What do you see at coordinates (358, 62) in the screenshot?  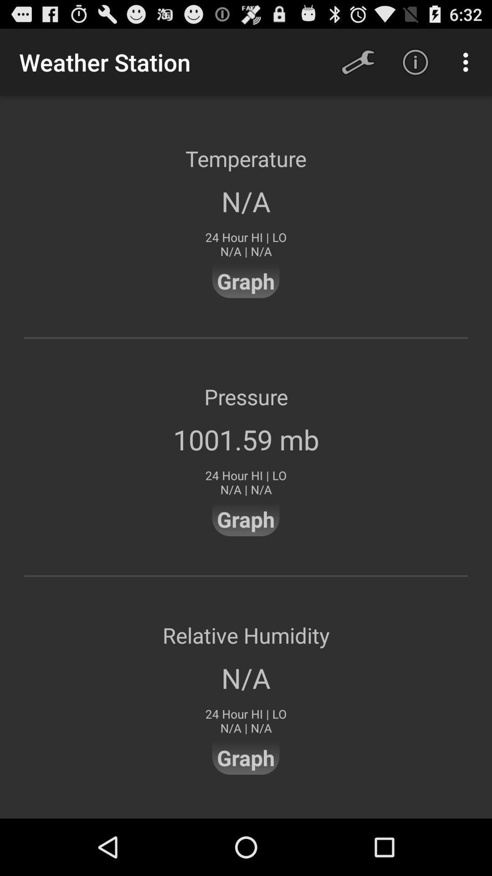 I see `the settings icon beside weather station` at bounding box center [358, 62].